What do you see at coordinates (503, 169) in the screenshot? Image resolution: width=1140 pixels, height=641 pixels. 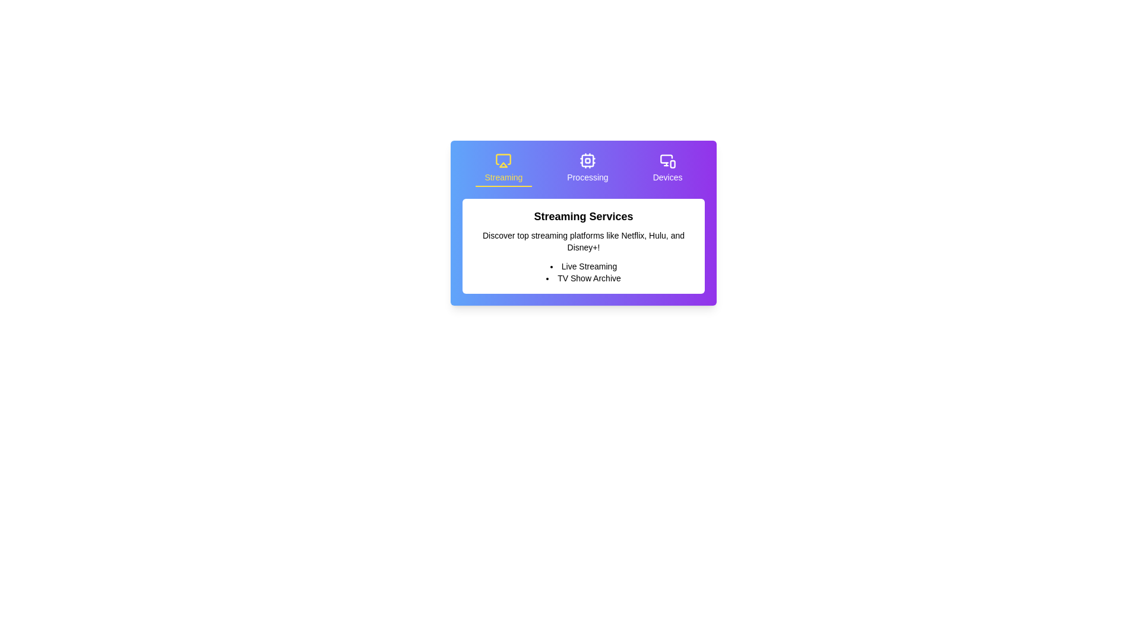 I see `the first interactive tab button that displays content related to 'Streaming'` at bounding box center [503, 169].